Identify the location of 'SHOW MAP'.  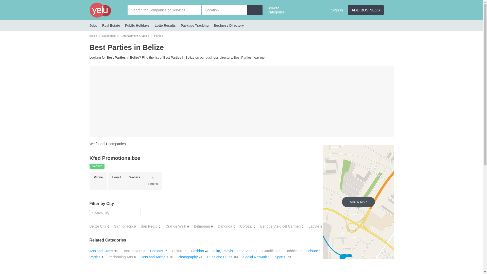
(358, 201).